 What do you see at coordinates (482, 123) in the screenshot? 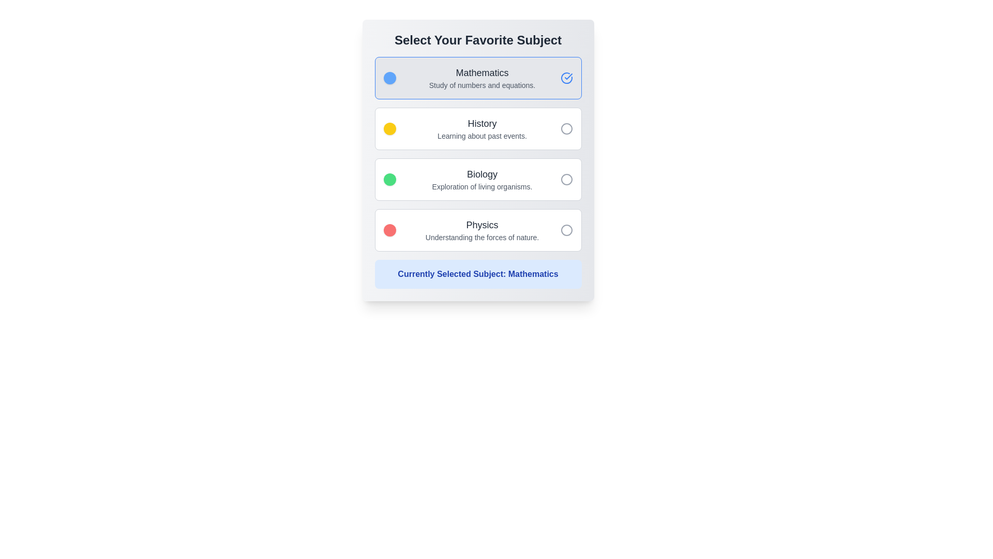
I see `the 'History' text label which serves as the title for the 'History' section in the list of subjects for accessibility` at bounding box center [482, 123].